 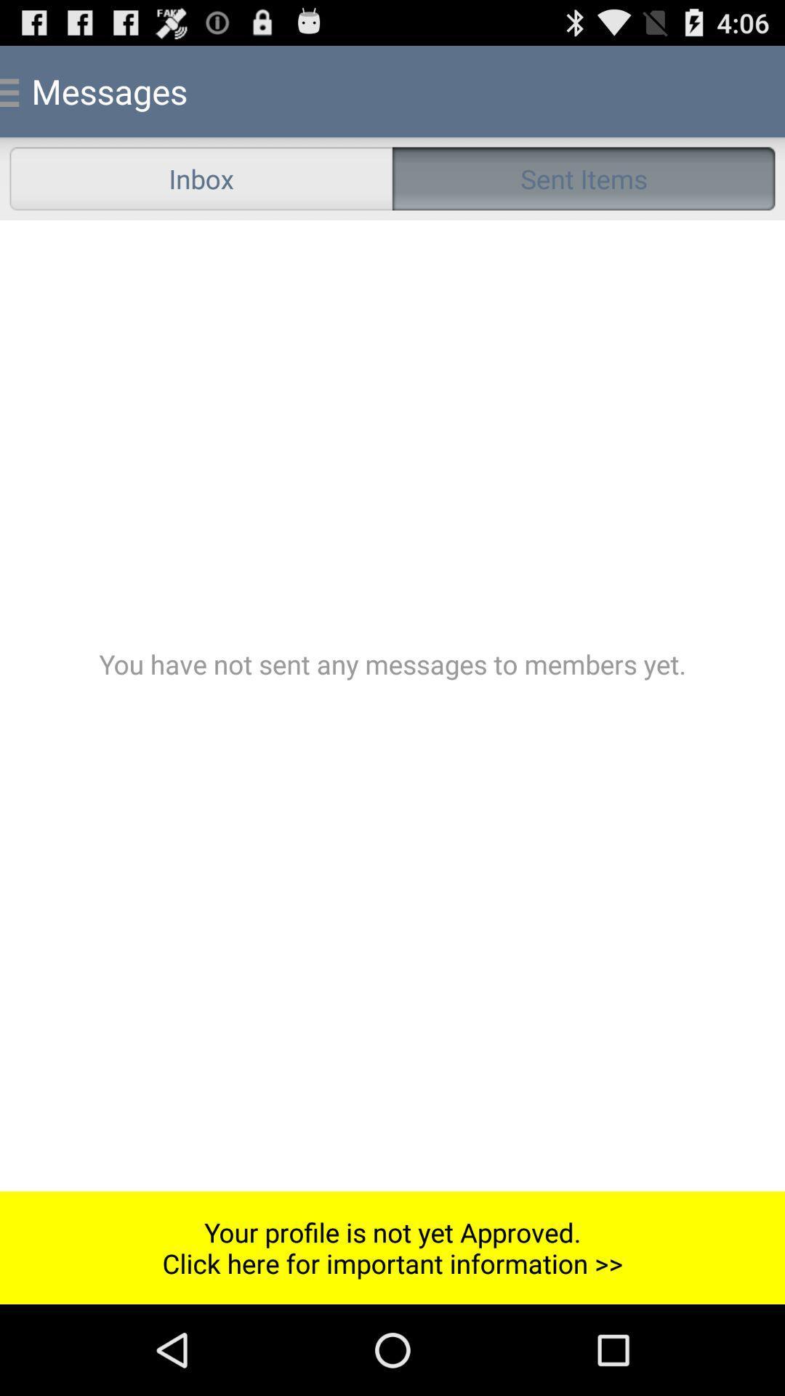 I want to click on the icon below the inbox radio button, so click(x=392, y=705).